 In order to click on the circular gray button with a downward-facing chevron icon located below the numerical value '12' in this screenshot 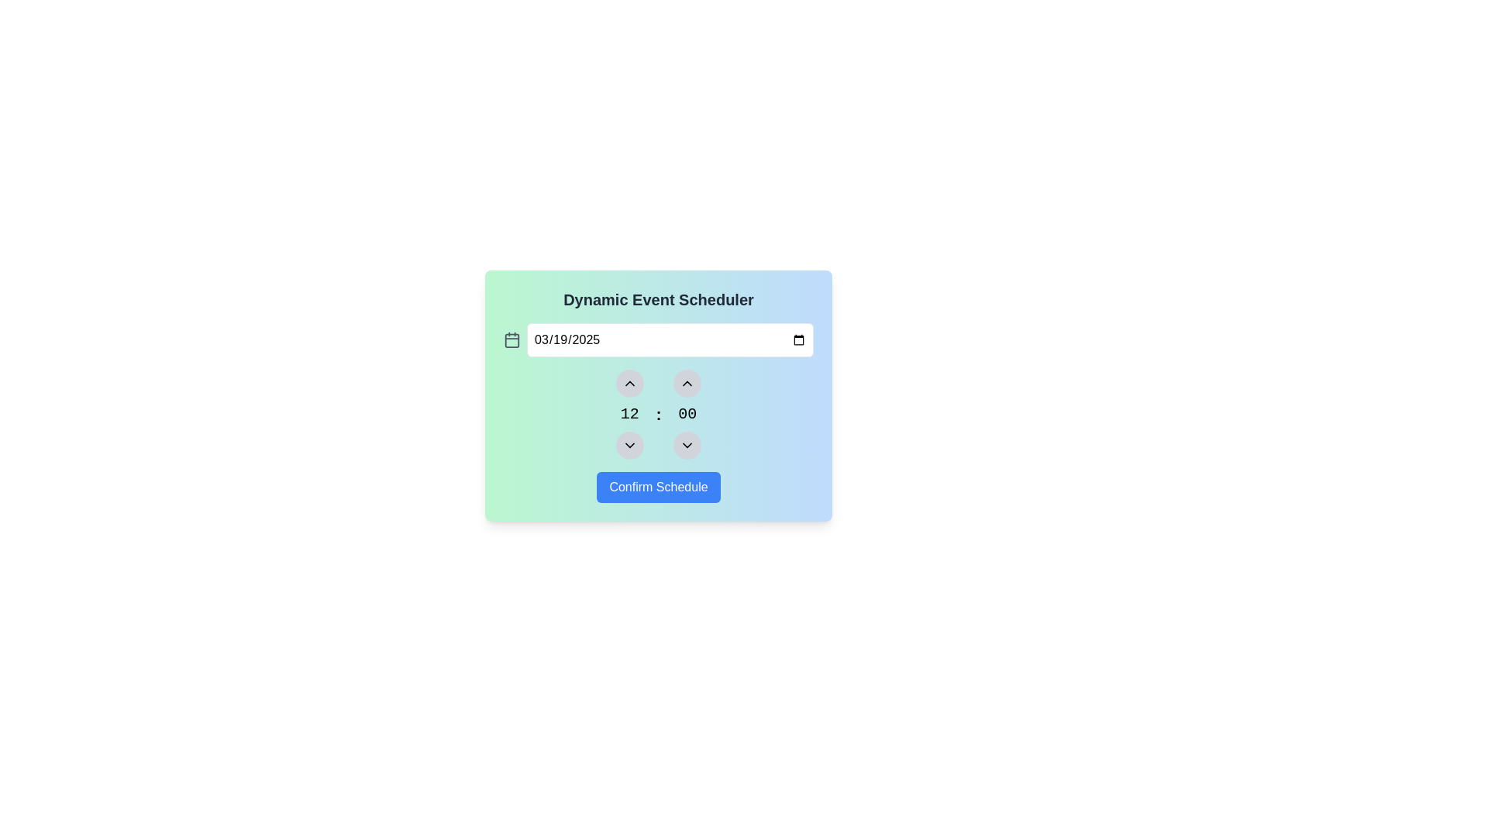, I will do `click(629, 445)`.